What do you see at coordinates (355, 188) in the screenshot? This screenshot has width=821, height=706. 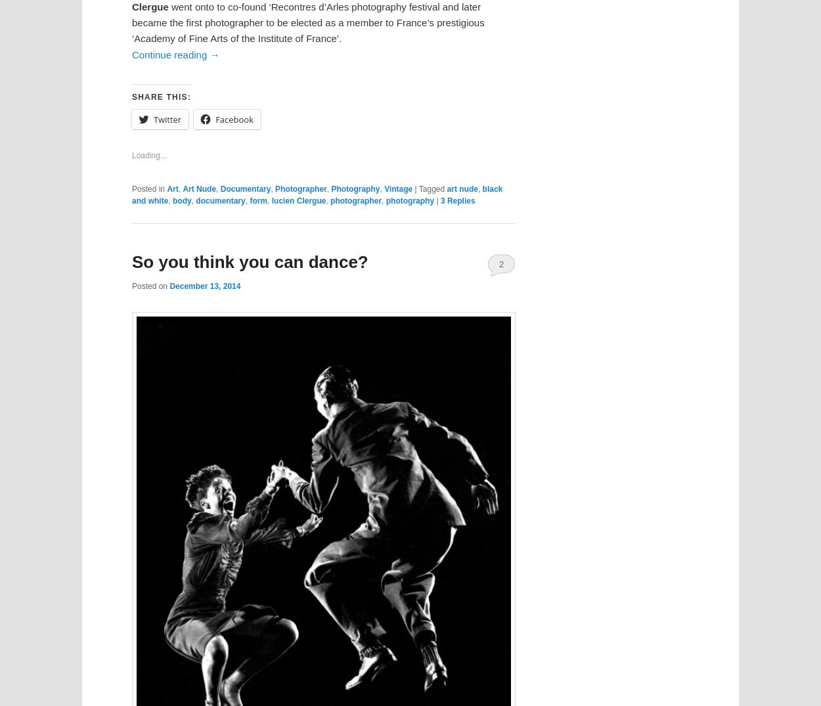 I see `'Photography'` at bounding box center [355, 188].